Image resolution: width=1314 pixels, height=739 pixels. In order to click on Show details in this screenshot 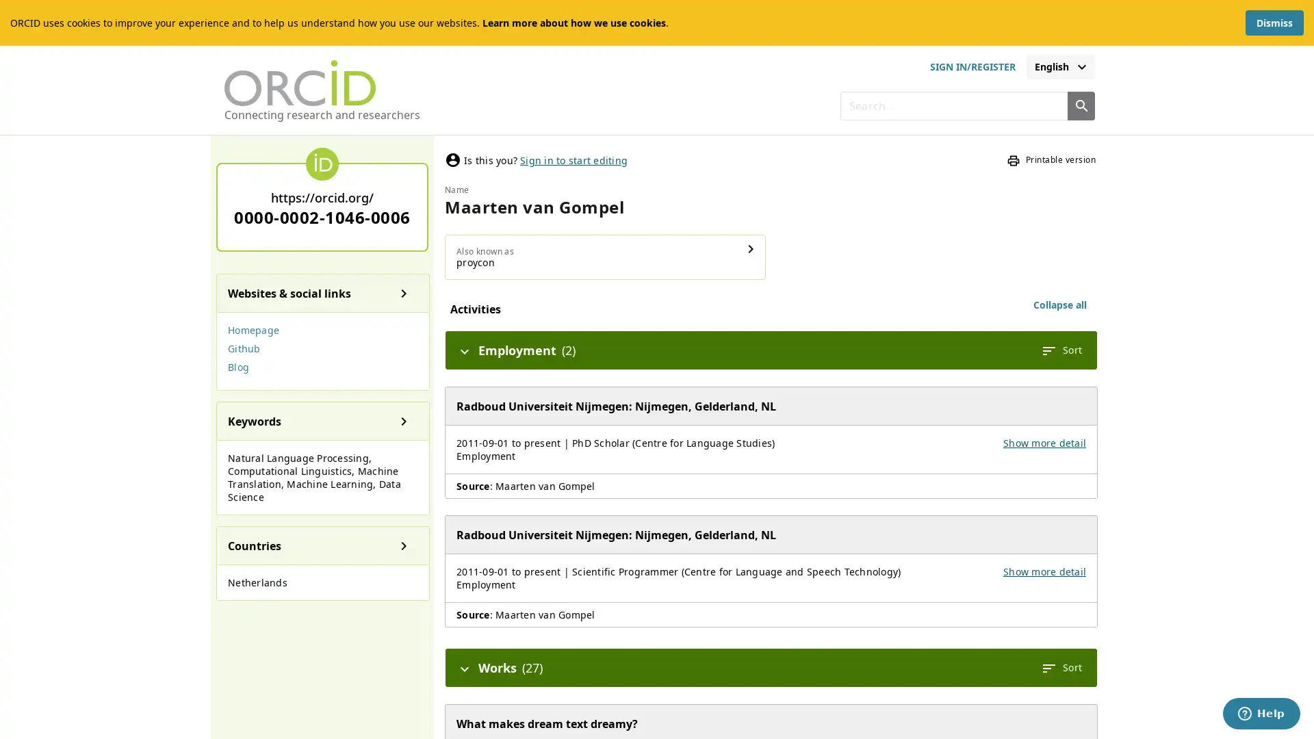, I will do `click(403, 419)`.